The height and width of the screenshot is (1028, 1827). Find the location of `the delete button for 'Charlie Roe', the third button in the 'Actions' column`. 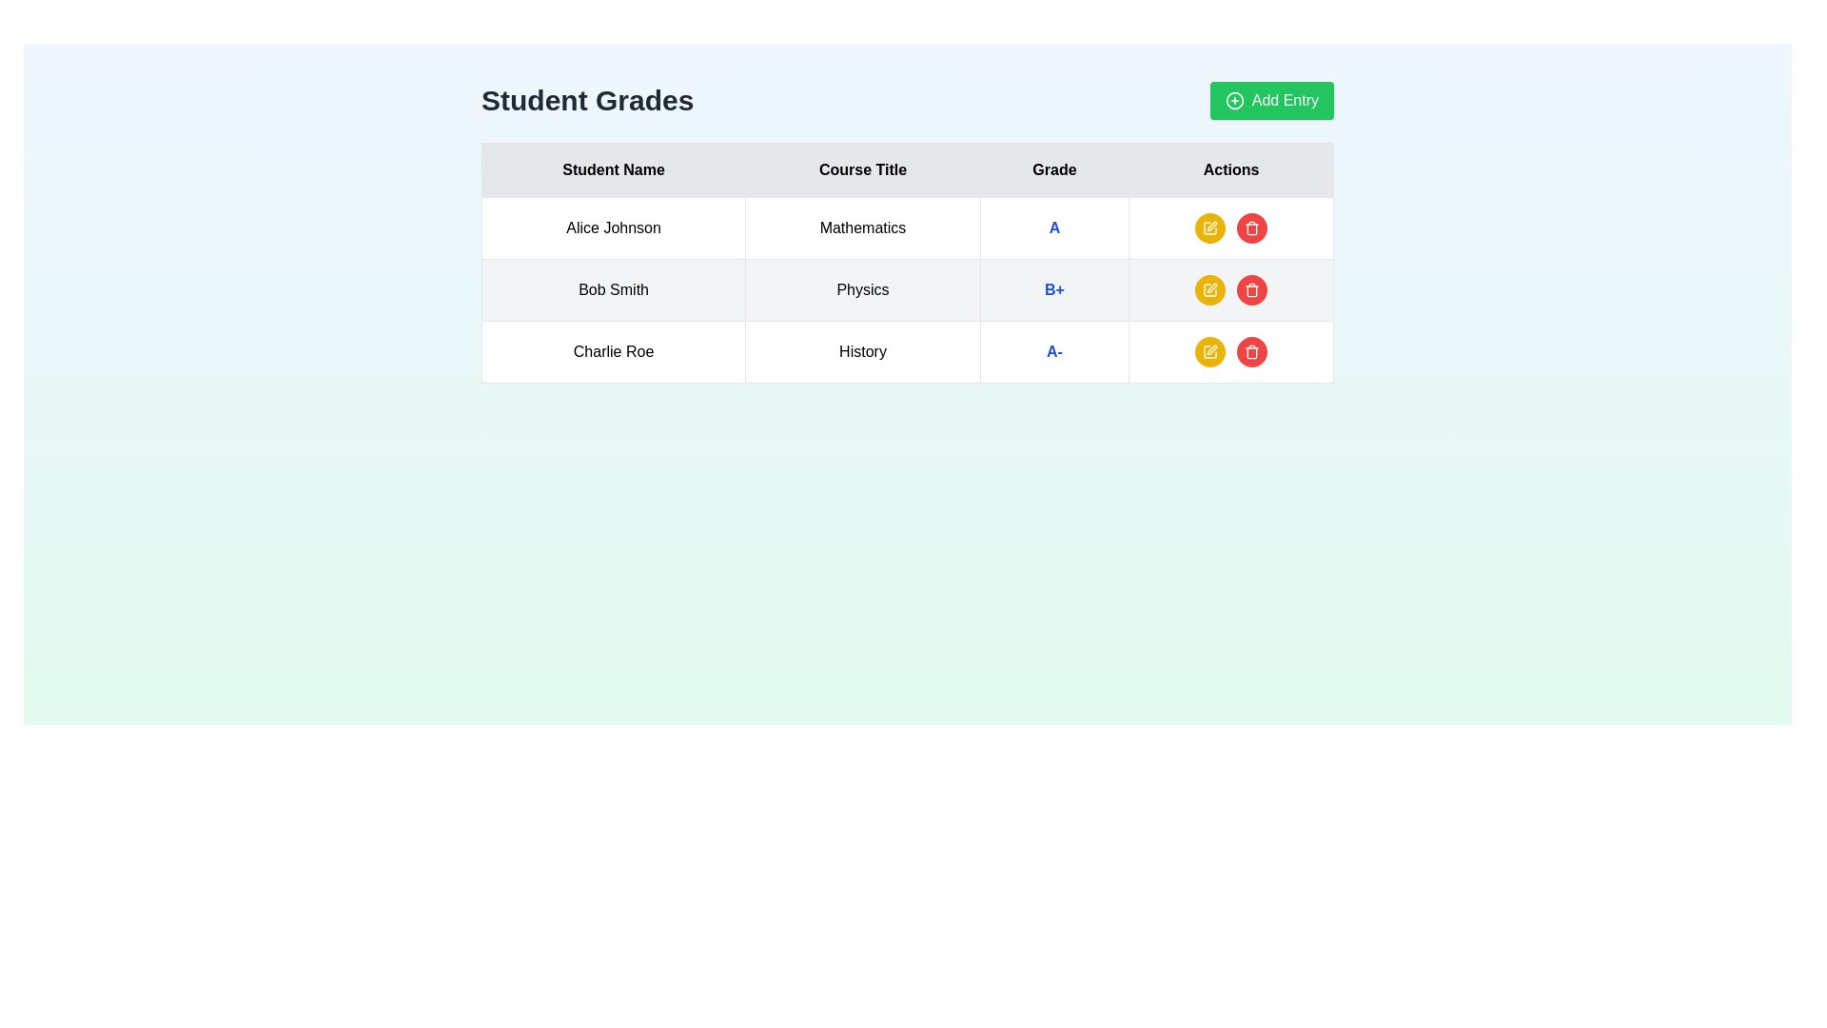

the delete button for 'Charlie Roe', the third button in the 'Actions' column is located at coordinates (1251, 289).